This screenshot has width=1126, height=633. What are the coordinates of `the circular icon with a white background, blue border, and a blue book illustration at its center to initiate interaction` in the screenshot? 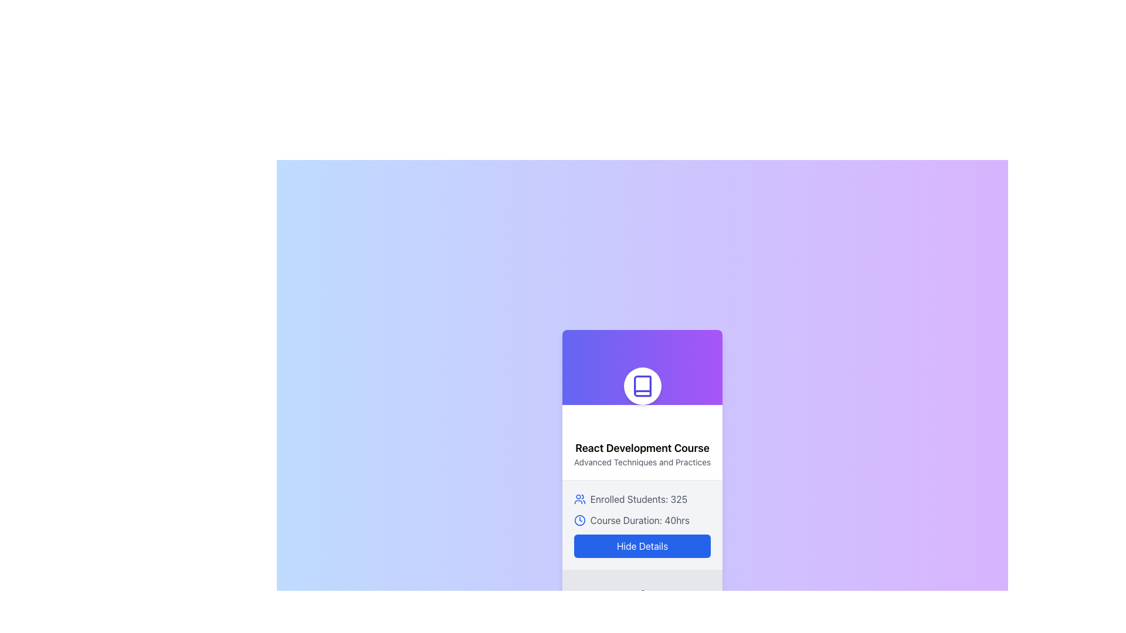 It's located at (642, 386).